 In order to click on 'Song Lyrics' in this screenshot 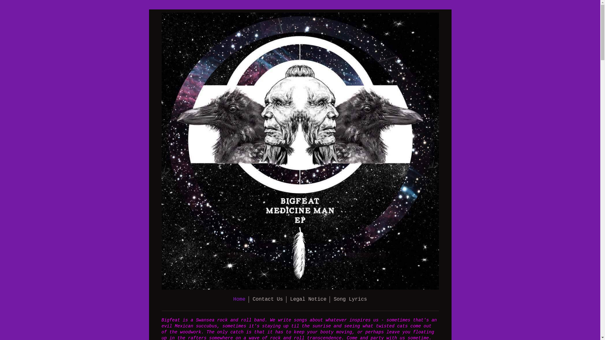, I will do `click(350, 299)`.